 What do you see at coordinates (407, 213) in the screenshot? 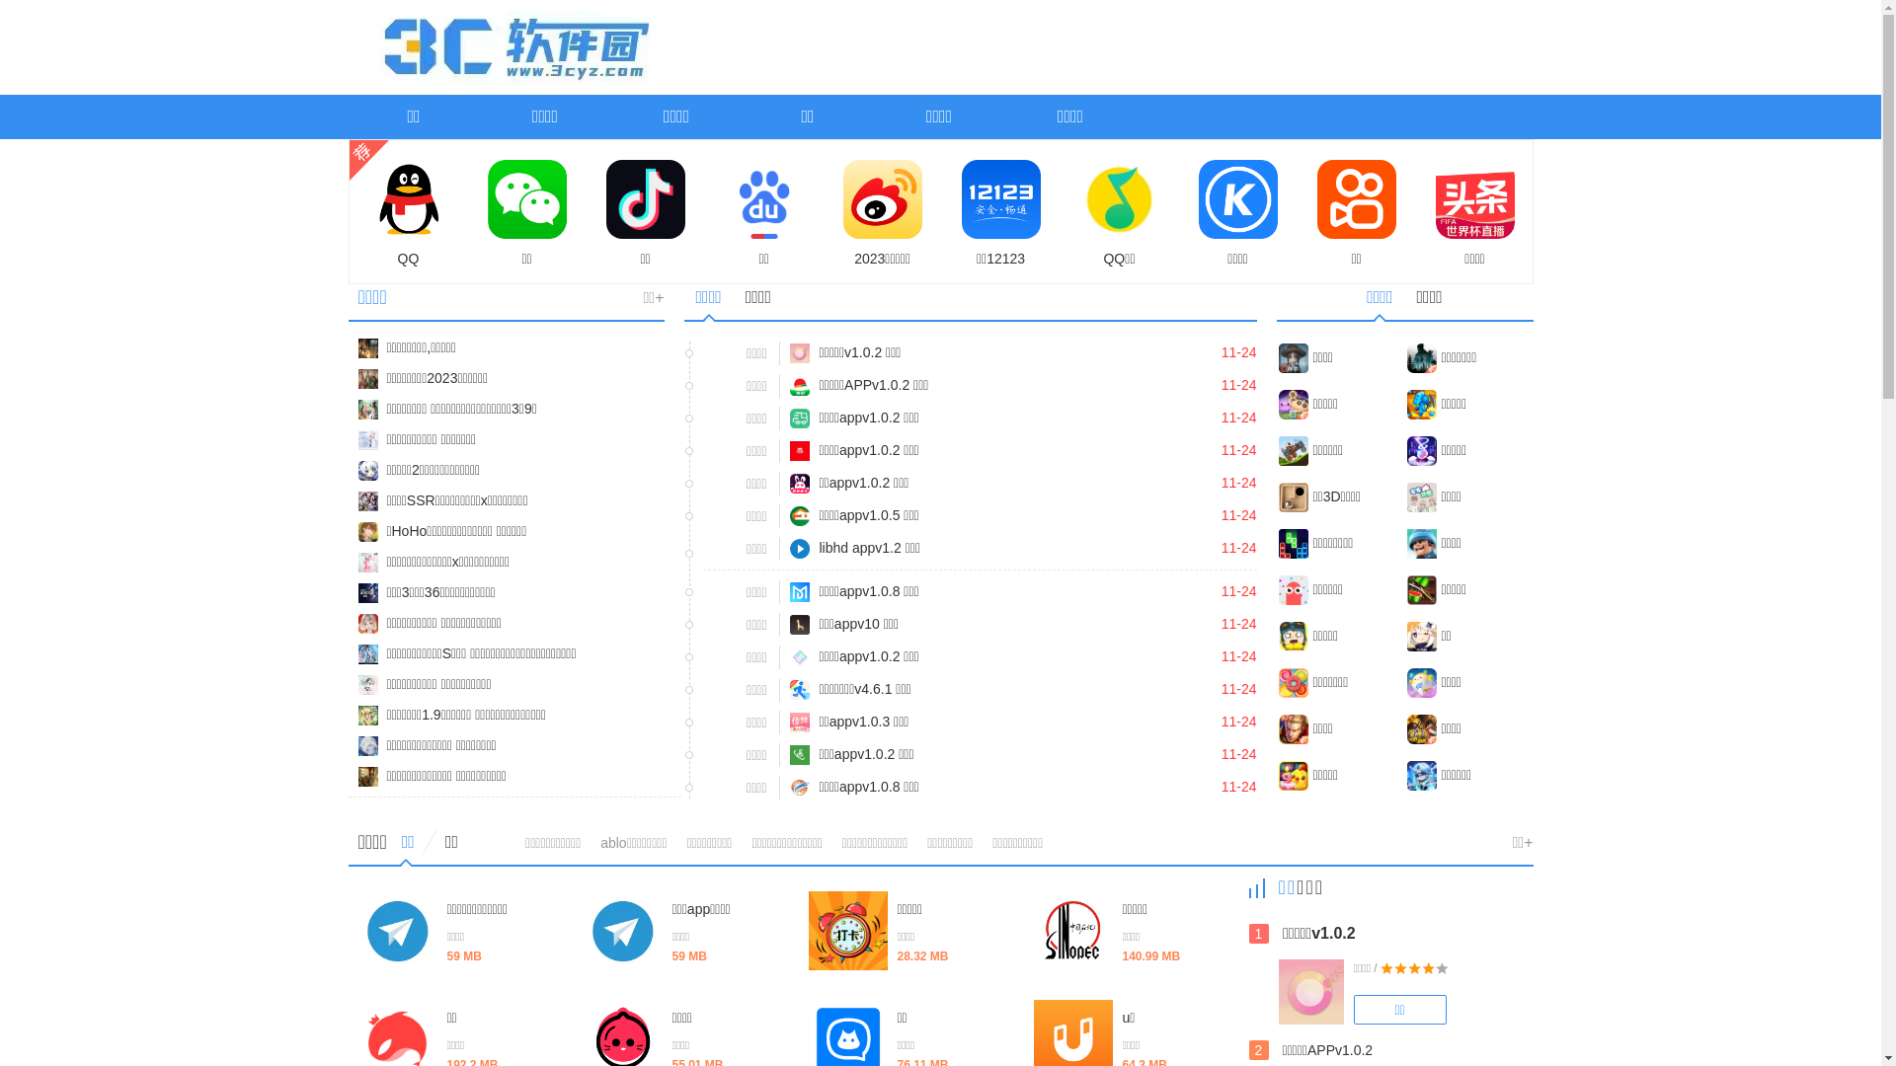
I see `'QQ'` at bounding box center [407, 213].